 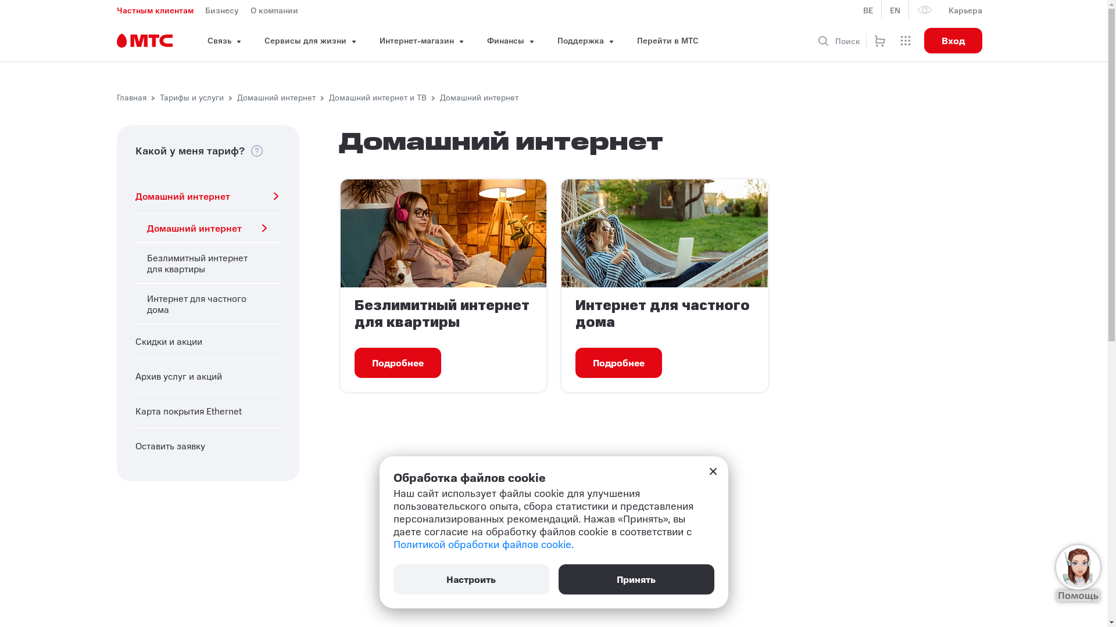 What do you see at coordinates (895, 9) in the screenshot?
I see `'EN'` at bounding box center [895, 9].